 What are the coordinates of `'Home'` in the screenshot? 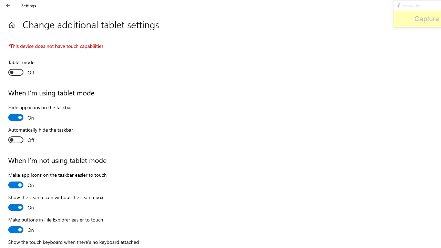 It's located at (11, 24).